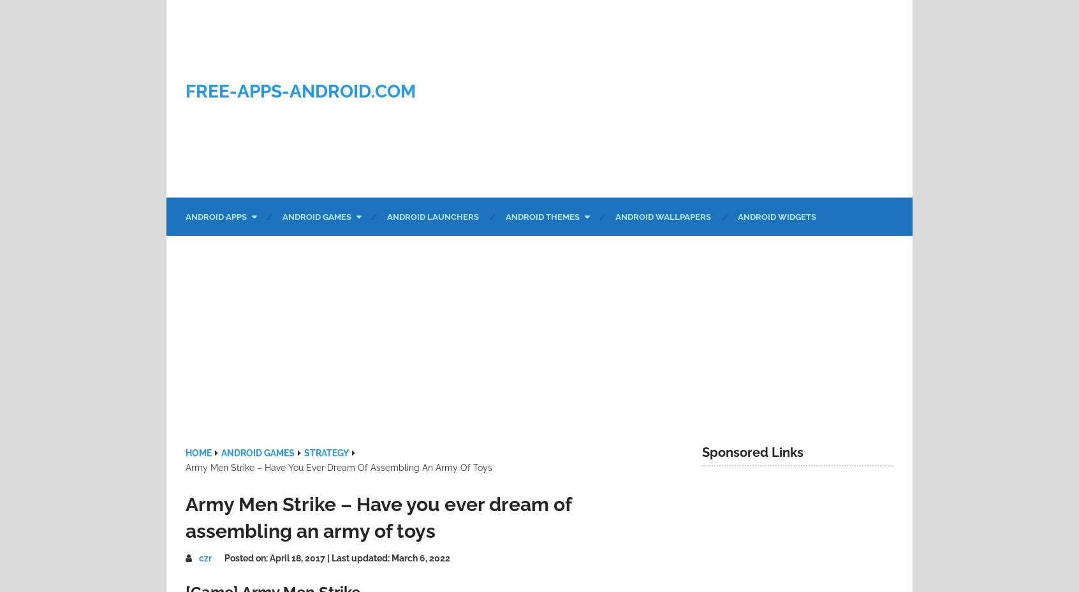 The width and height of the screenshot is (1079, 592). I want to click on 'Home', so click(198, 452).